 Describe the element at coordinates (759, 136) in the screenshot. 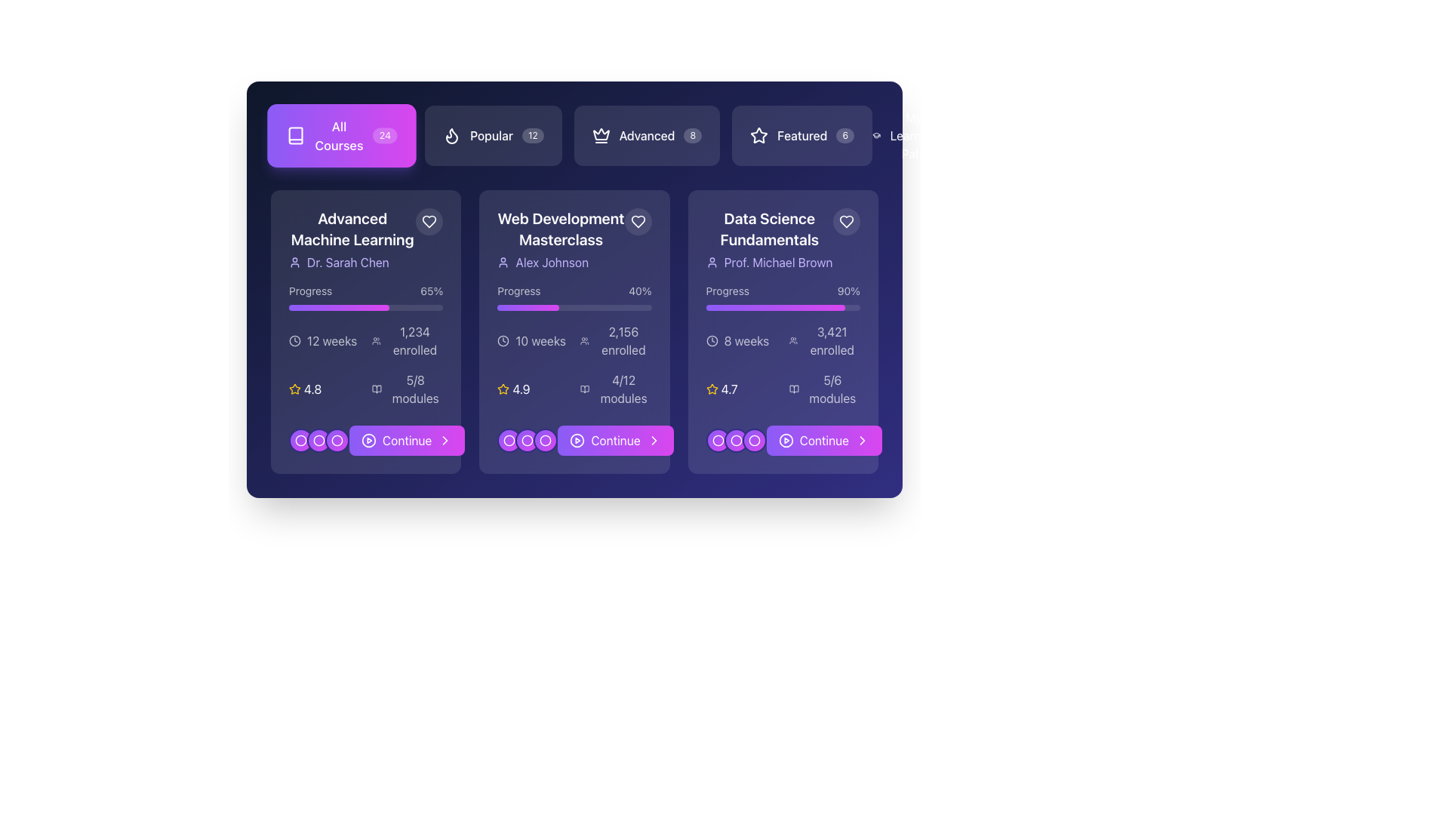

I see `the star icon located at the top-right section of the interface within the 'Featured' button, which visually represents the 'Featured' category` at that location.